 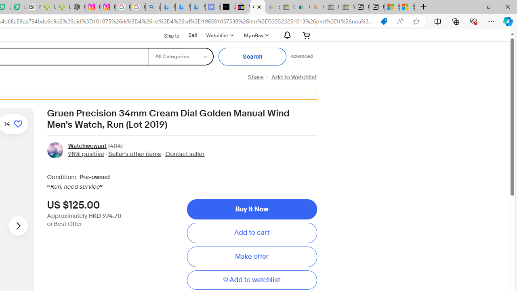 I want to click on 'Microsoft Bing Travel - Shangri-La Hotel Bangkok', so click(x=198, y=7).